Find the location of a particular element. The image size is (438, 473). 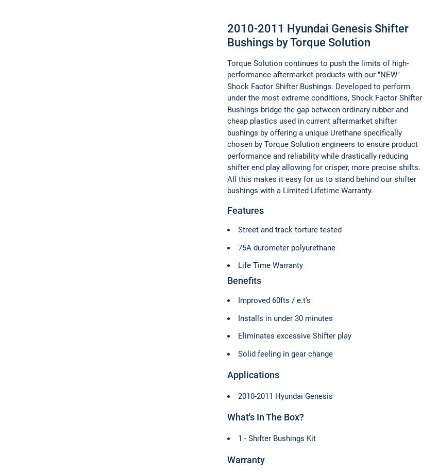

'Features' is located at coordinates (226, 209).